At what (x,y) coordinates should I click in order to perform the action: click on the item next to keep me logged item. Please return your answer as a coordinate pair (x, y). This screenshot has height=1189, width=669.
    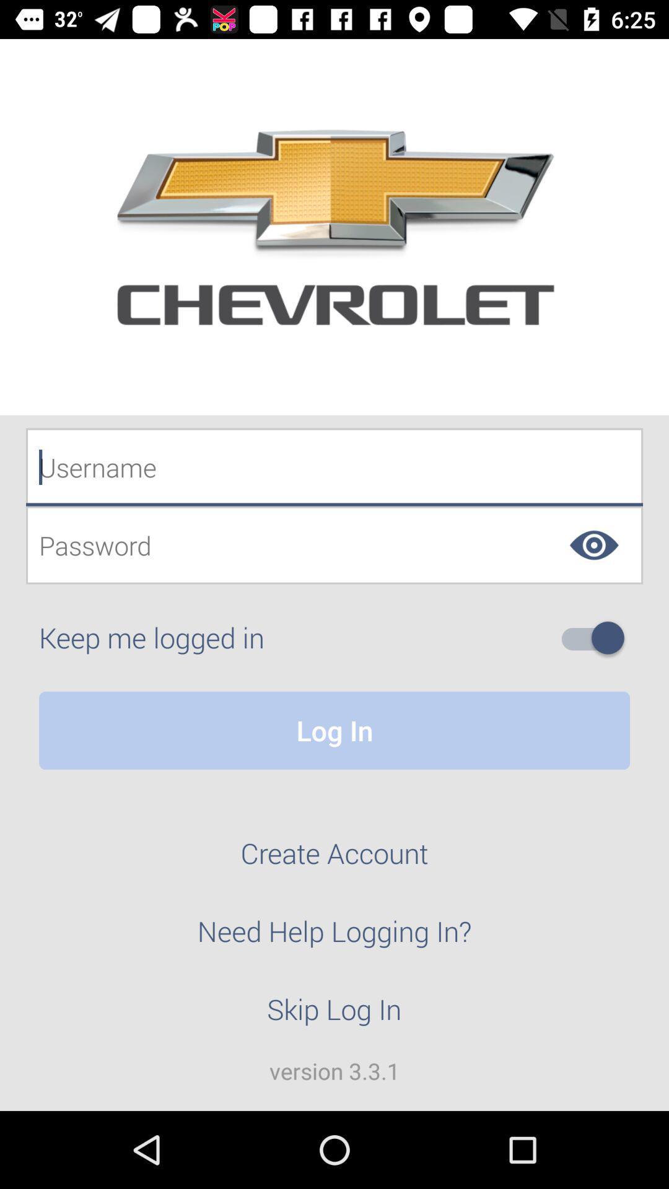
    Looking at the image, I should click on (597, 638).